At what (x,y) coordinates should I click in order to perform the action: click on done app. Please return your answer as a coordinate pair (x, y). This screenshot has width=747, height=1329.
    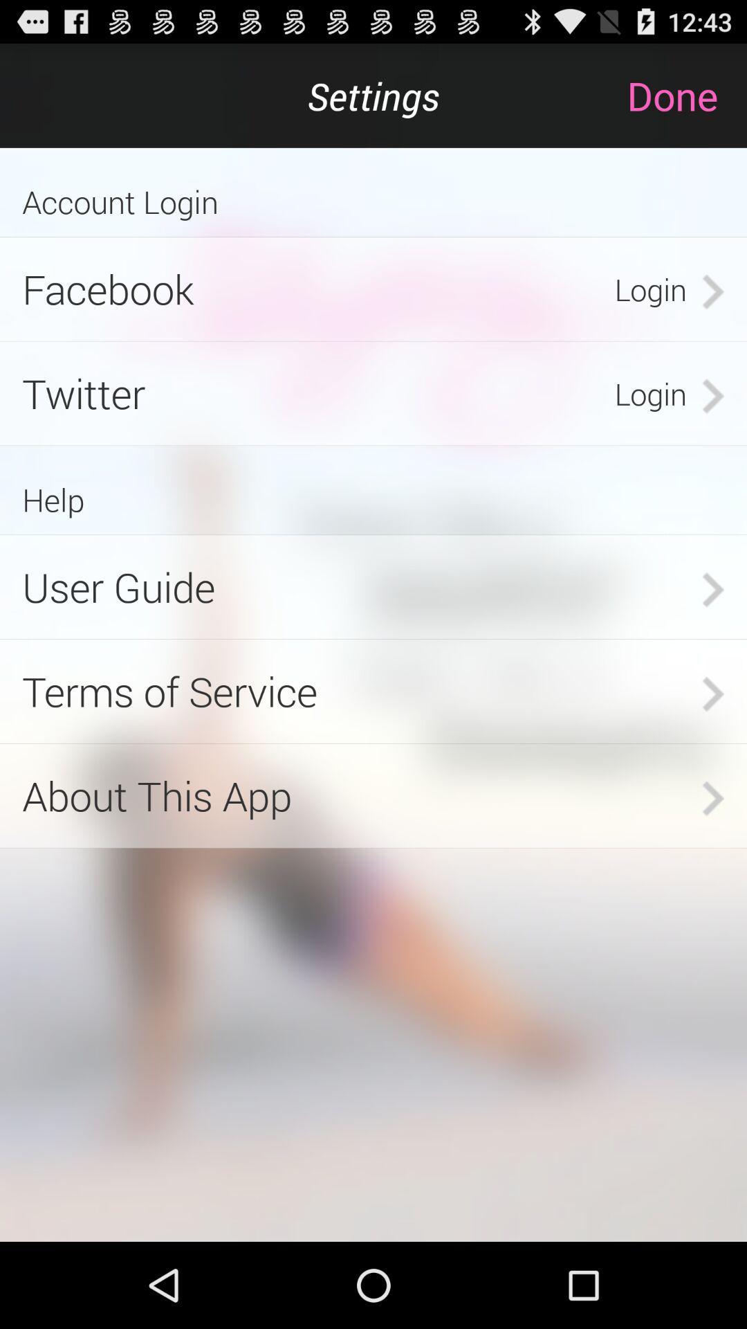
    Looking at the image, I should click on (686, 95).